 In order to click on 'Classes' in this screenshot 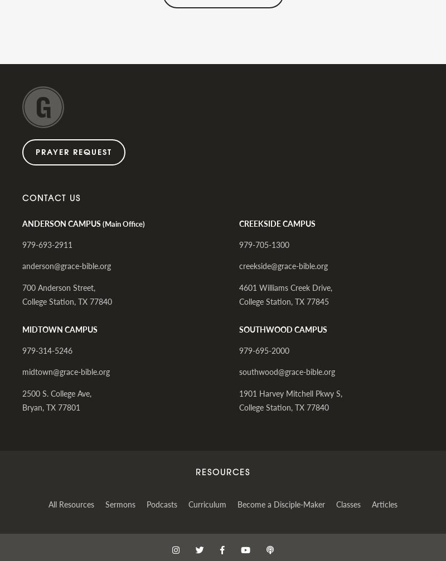, I will do `click(348, 503)`.